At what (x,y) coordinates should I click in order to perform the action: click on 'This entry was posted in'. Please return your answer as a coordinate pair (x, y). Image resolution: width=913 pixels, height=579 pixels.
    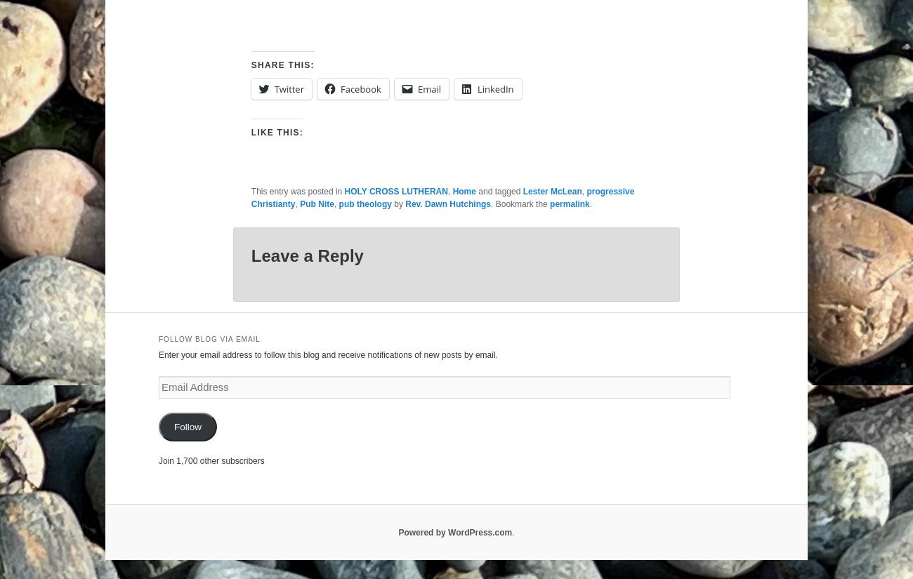
    Looking at the image, I should click on (297, 190).